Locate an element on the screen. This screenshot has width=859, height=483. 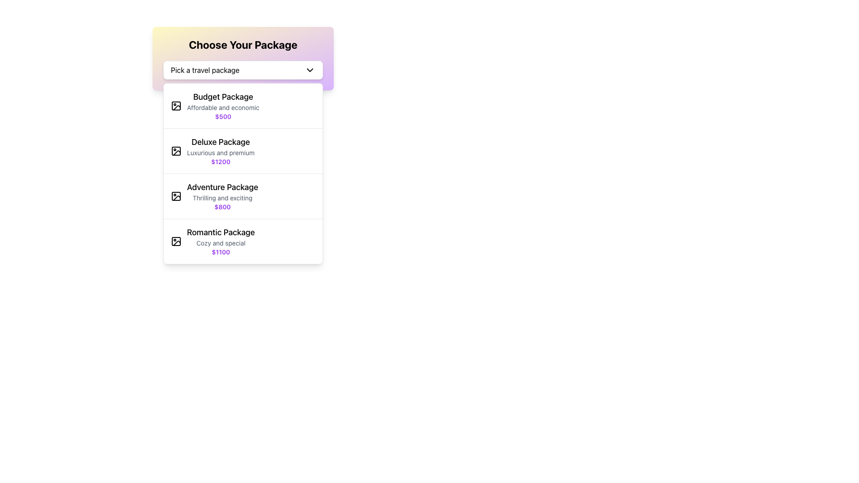
the text 'Budget Package', which is the first item in the dropdown list under 'Choose Your Package', styled as a heading is located at coordinates (223, 97).